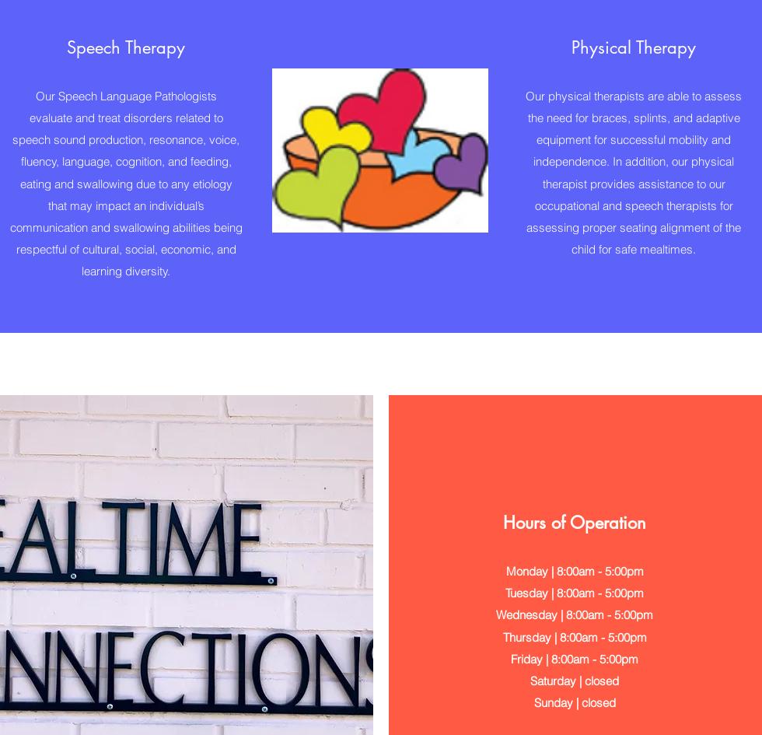 Image resolution: width=762 pixels, height=735 pixels. Describe the element at coordinates (505, 571) in the screenshot. I see `'Monday | 8:00am - 5:00pm'` at that location.